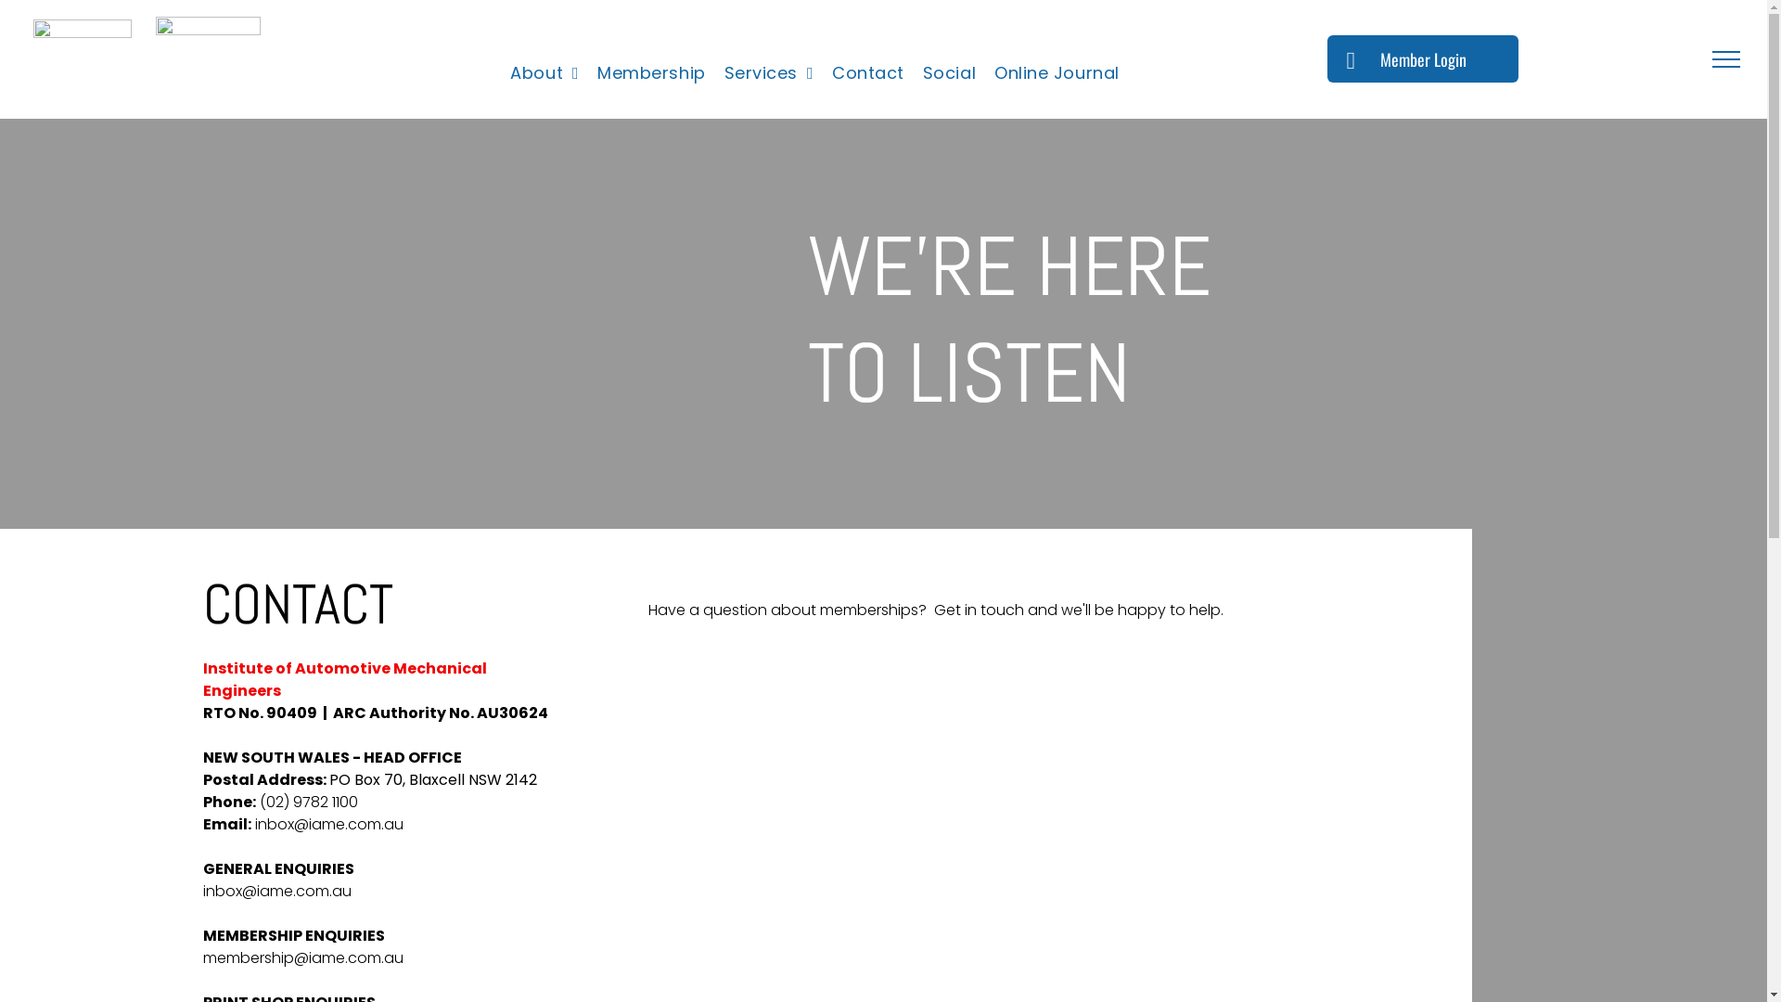 The image size is (1781, 1002). I want to click on 'About', so click(543, 71).